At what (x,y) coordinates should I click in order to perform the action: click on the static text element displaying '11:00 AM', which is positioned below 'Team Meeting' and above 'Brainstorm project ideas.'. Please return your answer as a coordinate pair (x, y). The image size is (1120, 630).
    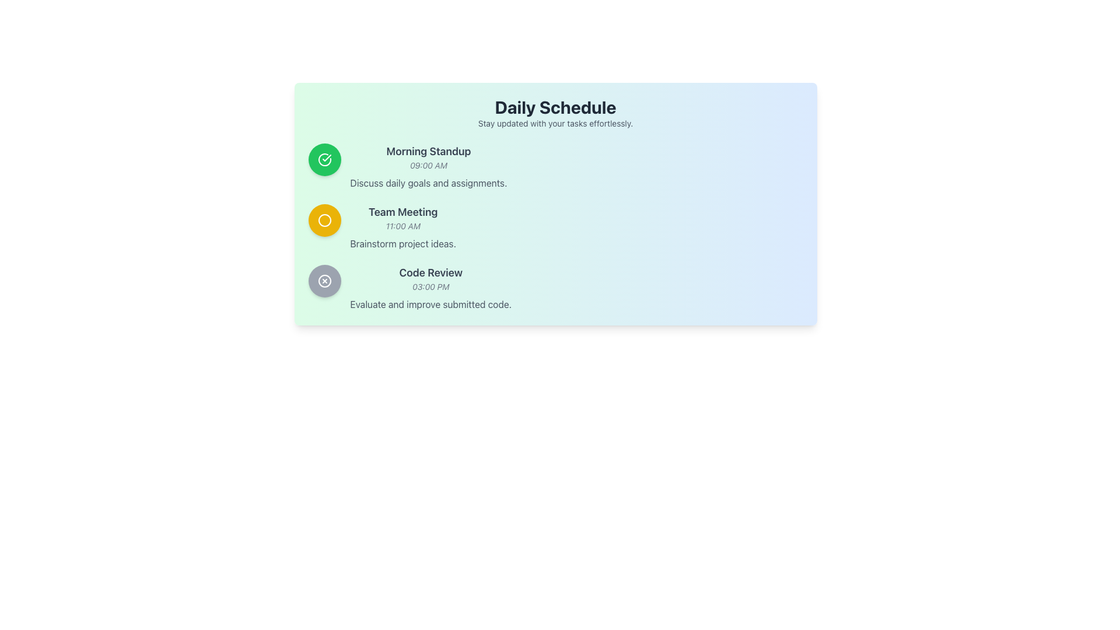
    Looking at the image, I should click on (403, 226).